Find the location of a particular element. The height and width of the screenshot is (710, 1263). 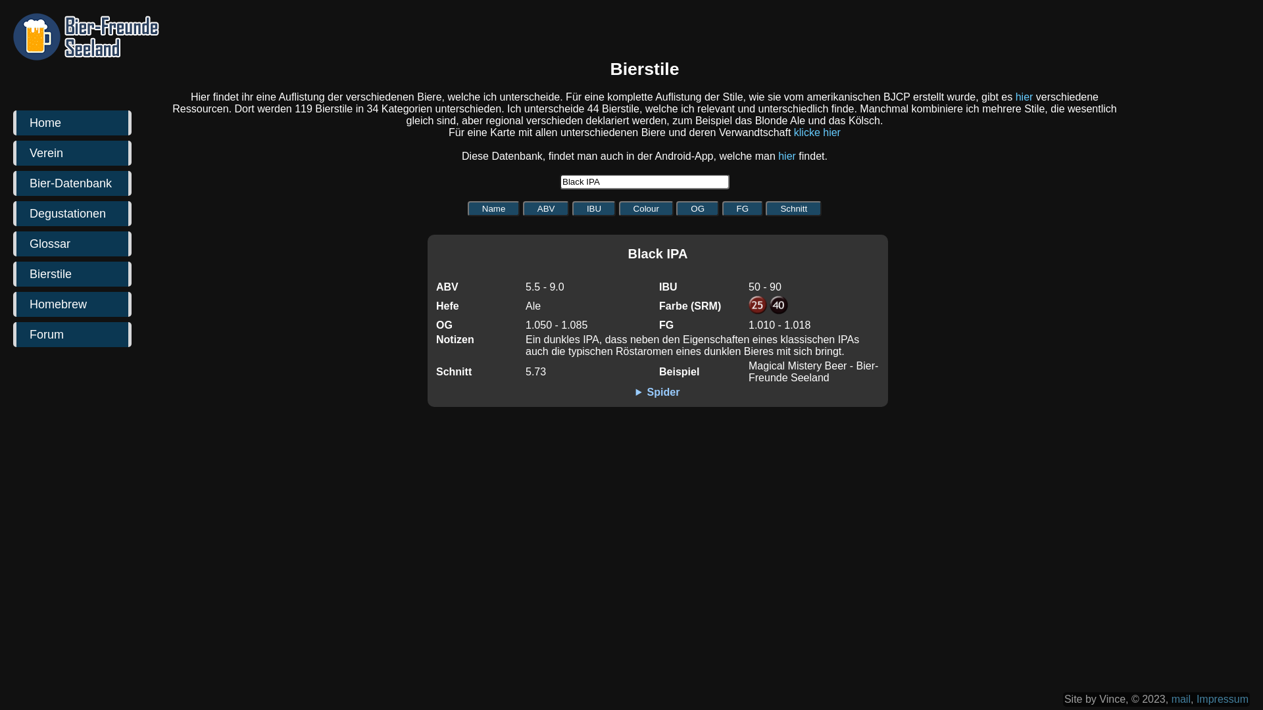

'Homebrew' is located at coordinates (72, 304).